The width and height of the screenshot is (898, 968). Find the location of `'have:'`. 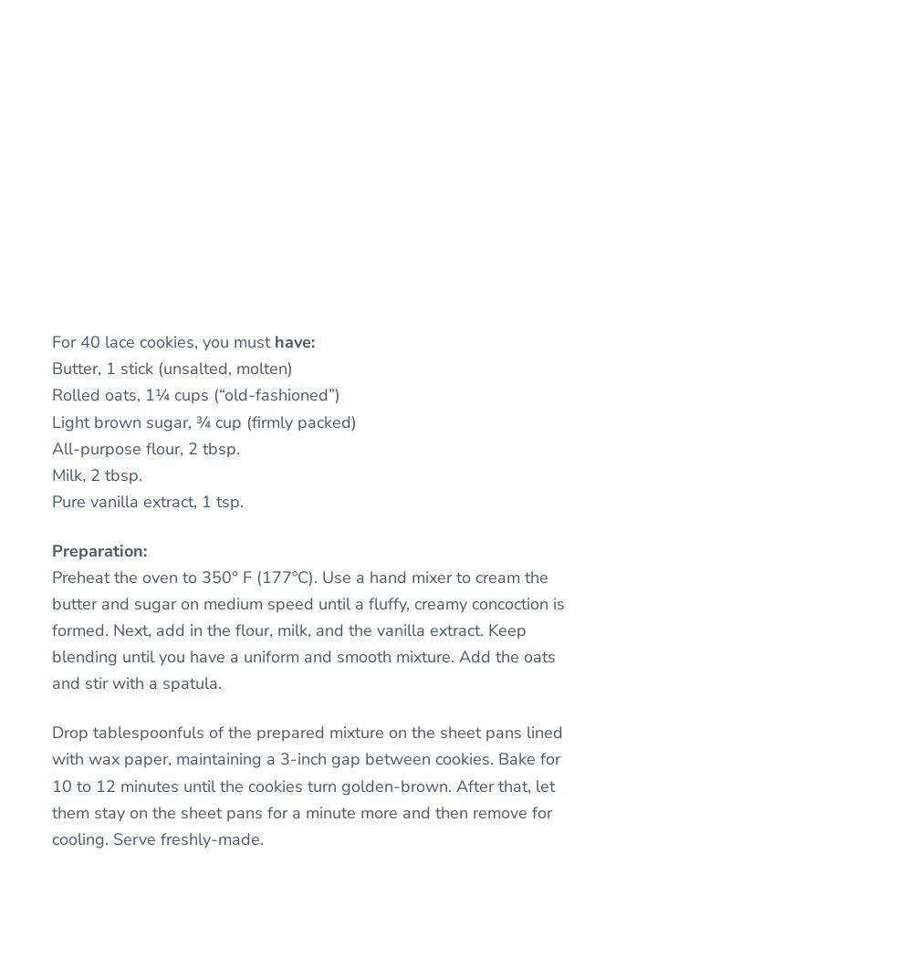

'have:' is located at coordinates (274, 341).